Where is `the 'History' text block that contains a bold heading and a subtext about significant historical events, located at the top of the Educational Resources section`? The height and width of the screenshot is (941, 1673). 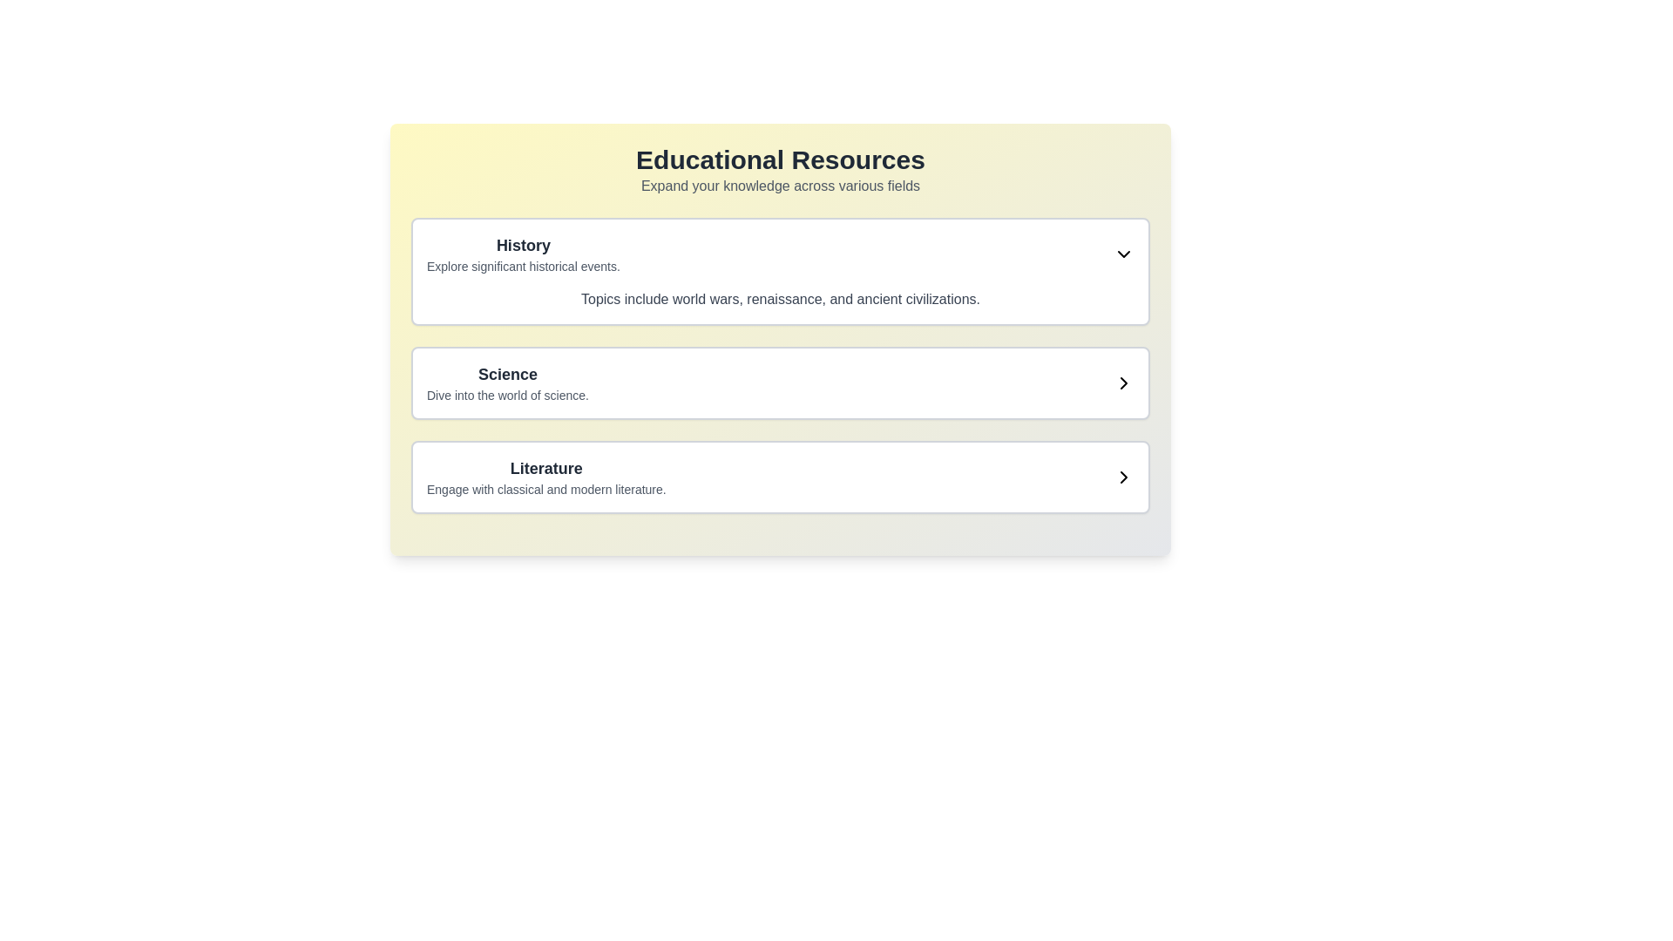
the 'History' text block that contains a bold heading and a subtext about significant historical events, located at the top of the Educational Resources section is located at coordinates (522, 254).